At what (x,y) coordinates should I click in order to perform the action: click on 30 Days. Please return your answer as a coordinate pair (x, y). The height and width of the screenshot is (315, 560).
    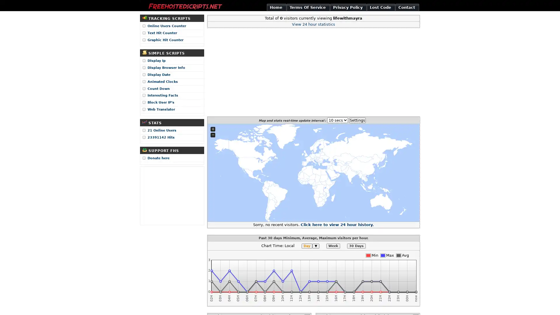
    Looking at the image, I should click on (356, 246).